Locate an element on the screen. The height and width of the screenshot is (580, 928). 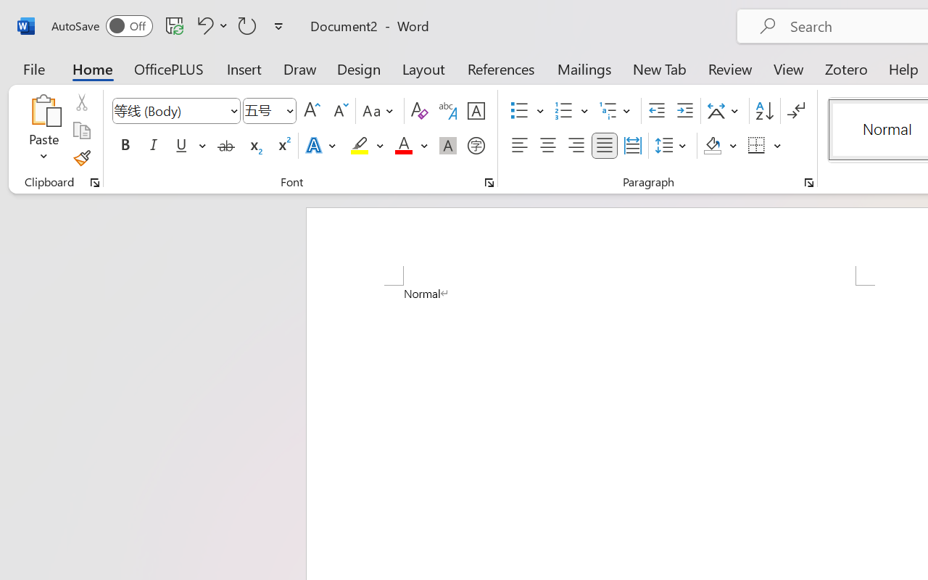
'Paste' is located at coordinates (43, 109).